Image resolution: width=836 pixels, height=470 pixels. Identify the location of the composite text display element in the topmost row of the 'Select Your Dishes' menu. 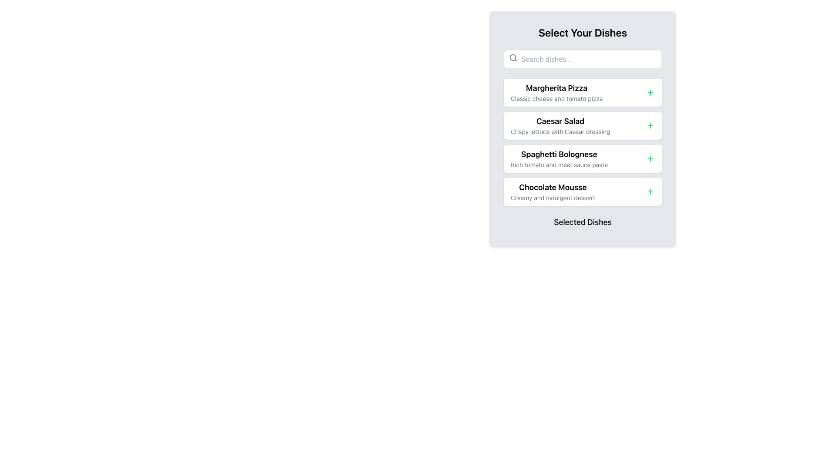
(556, 92).